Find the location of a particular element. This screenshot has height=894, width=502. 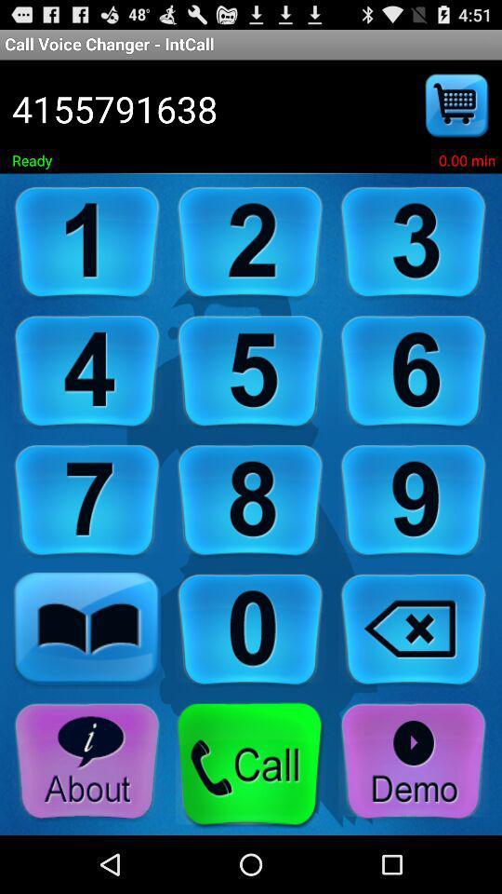

click number is located at coordinates (414, 500).